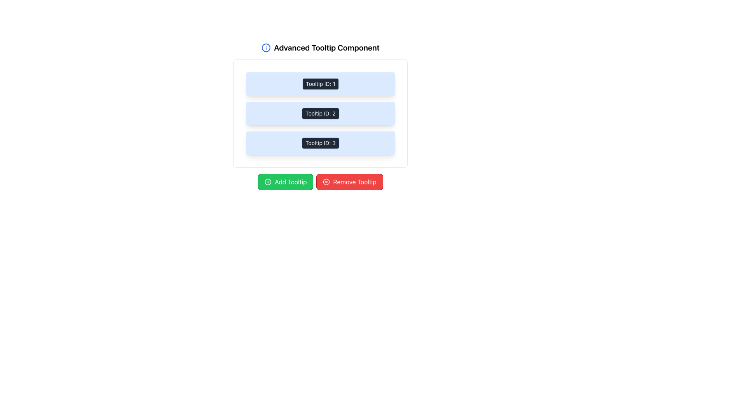  I want to click on the tooltip with the dark gray background displaying 'Tooltip ID: 3', which is the third item in a vertically stacked list of tooltips, so click(321, 143).